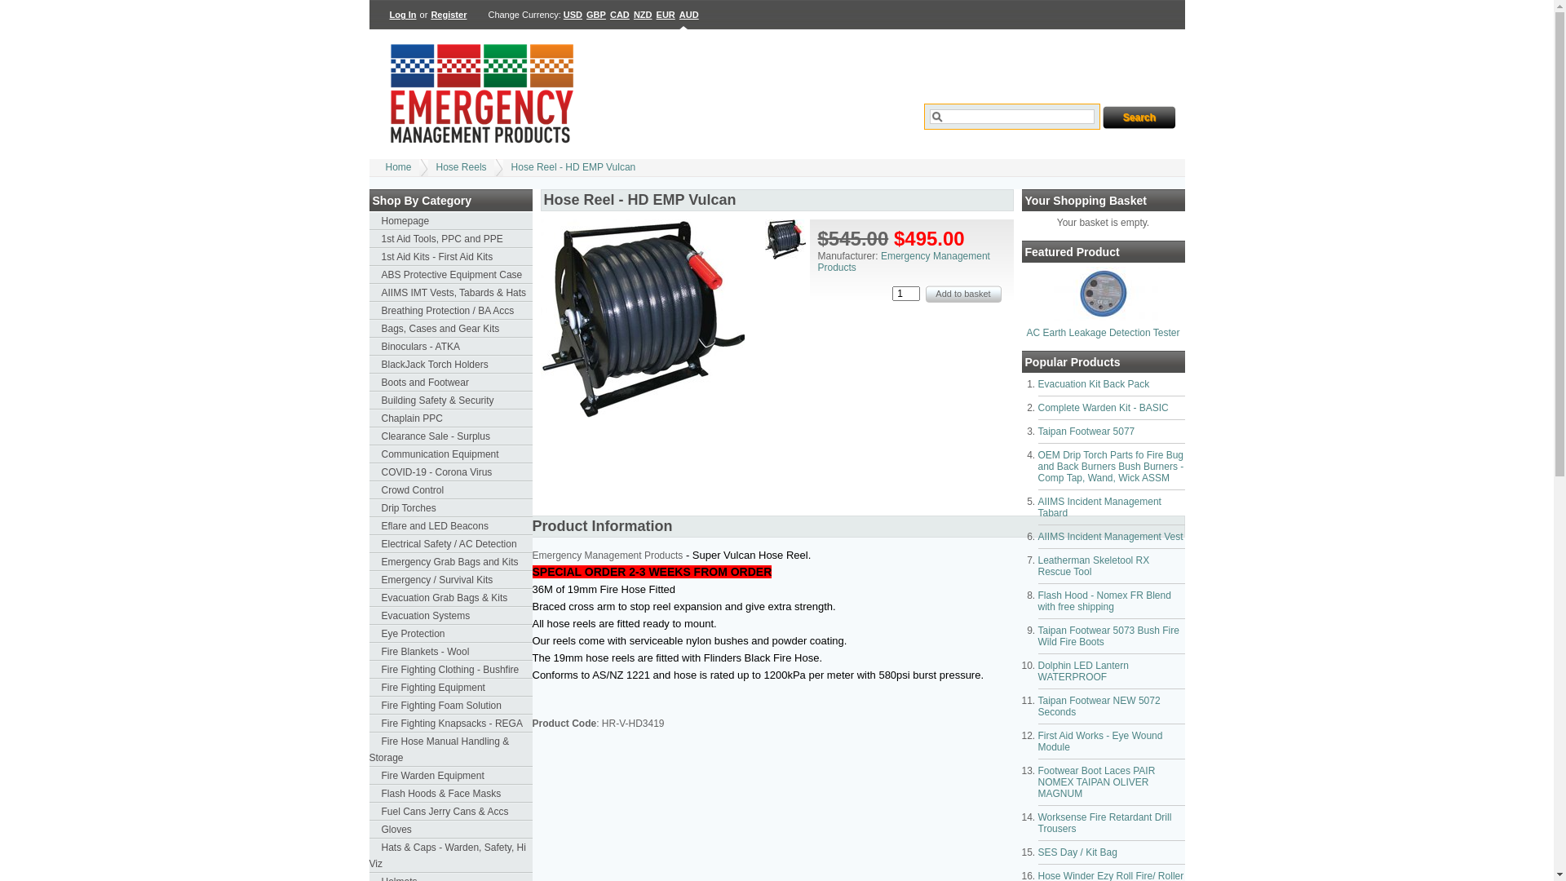  I want to click on 'Hose Reels', so click(461, 166).